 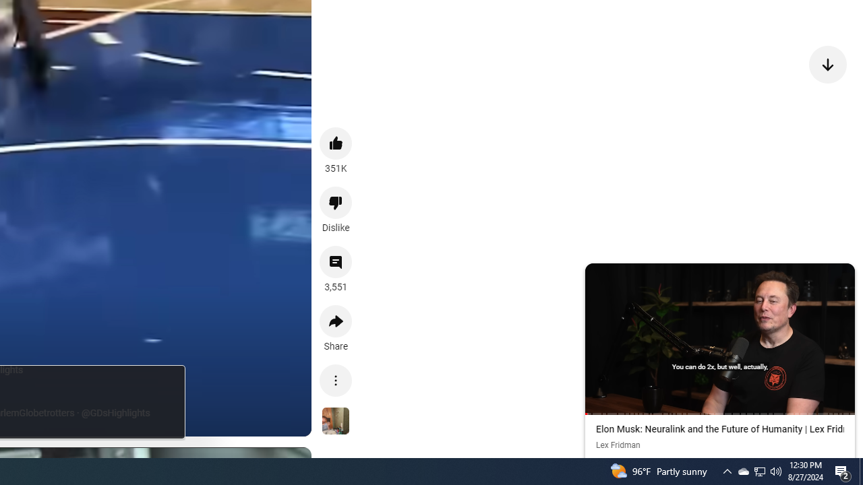 What do you see at coordinates (336, 321) in the screenshot?
I see `'Share'` at bounding box center [336, 321].